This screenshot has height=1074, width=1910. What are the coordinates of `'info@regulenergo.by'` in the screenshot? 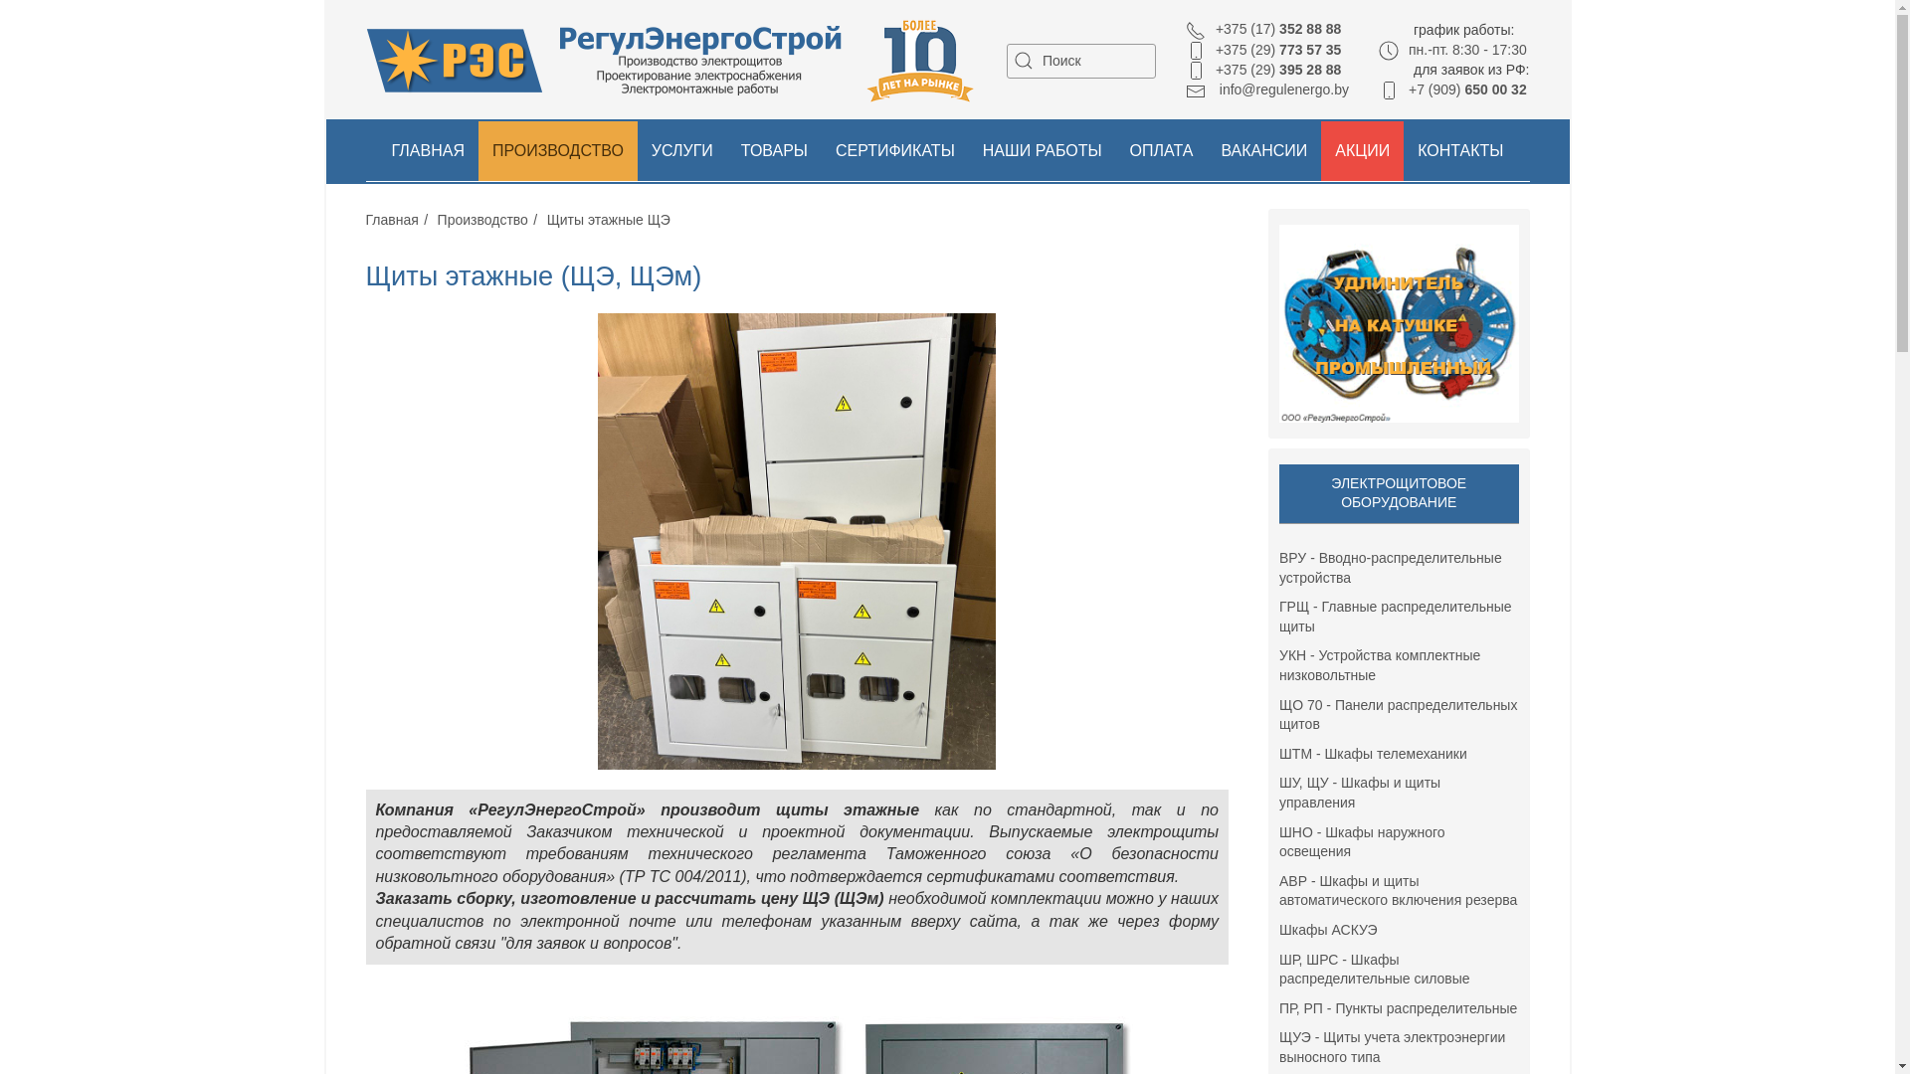 It's located at (1265, 88).